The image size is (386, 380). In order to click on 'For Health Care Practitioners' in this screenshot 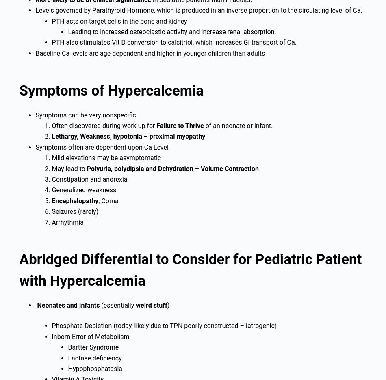, I will do `click(61, 360)`.